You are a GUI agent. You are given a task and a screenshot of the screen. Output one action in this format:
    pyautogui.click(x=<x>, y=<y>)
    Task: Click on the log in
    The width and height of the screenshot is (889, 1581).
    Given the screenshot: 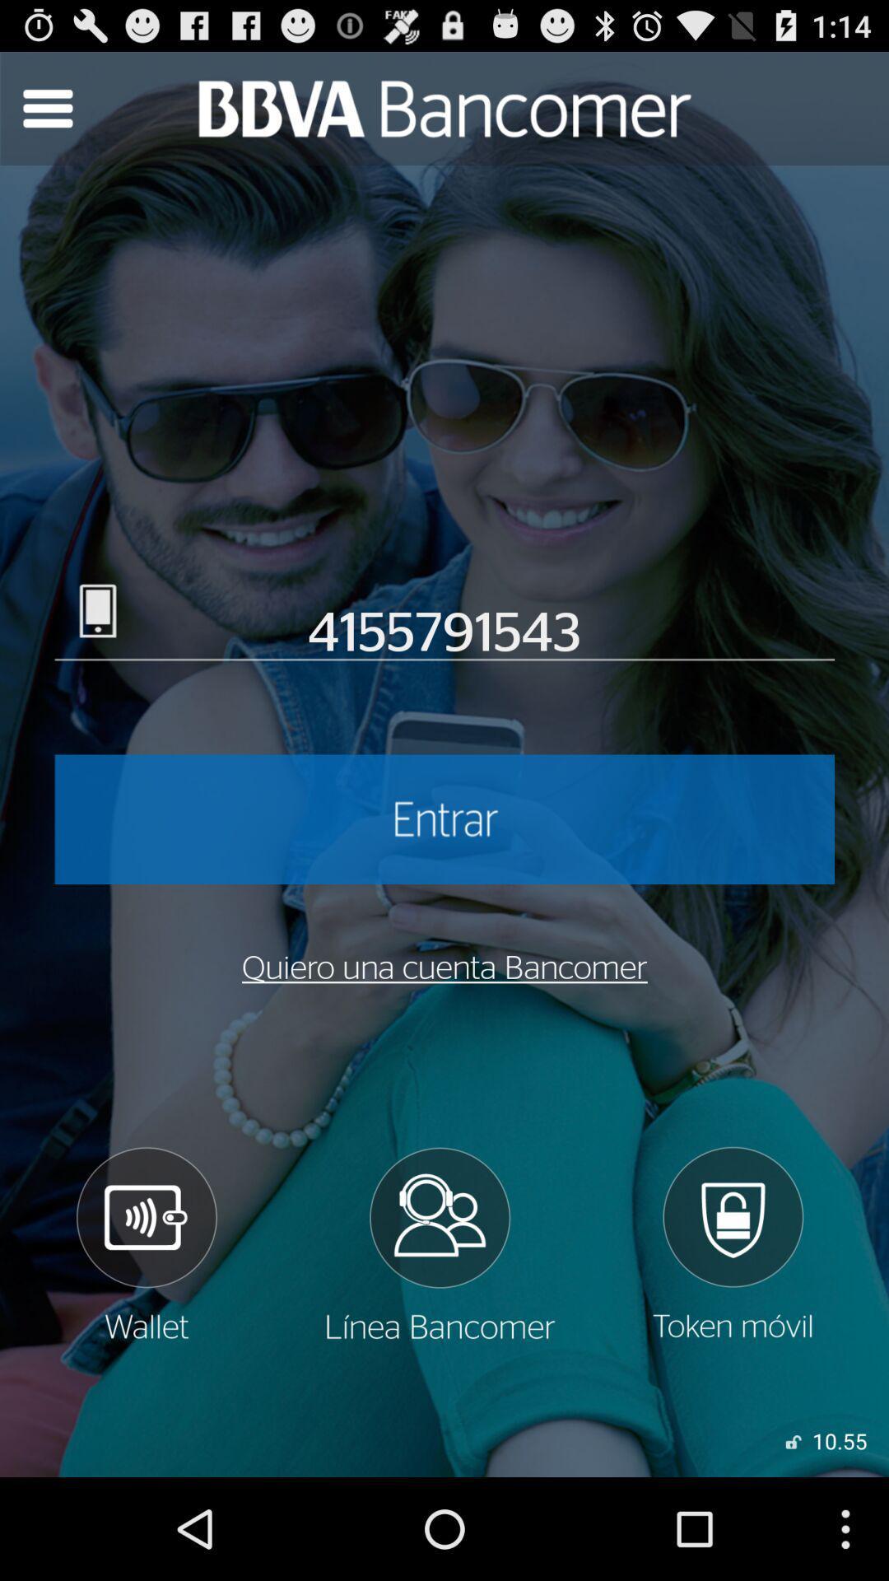 What is the action you would take?
    pyautogui.click(x=444, y=819)
    